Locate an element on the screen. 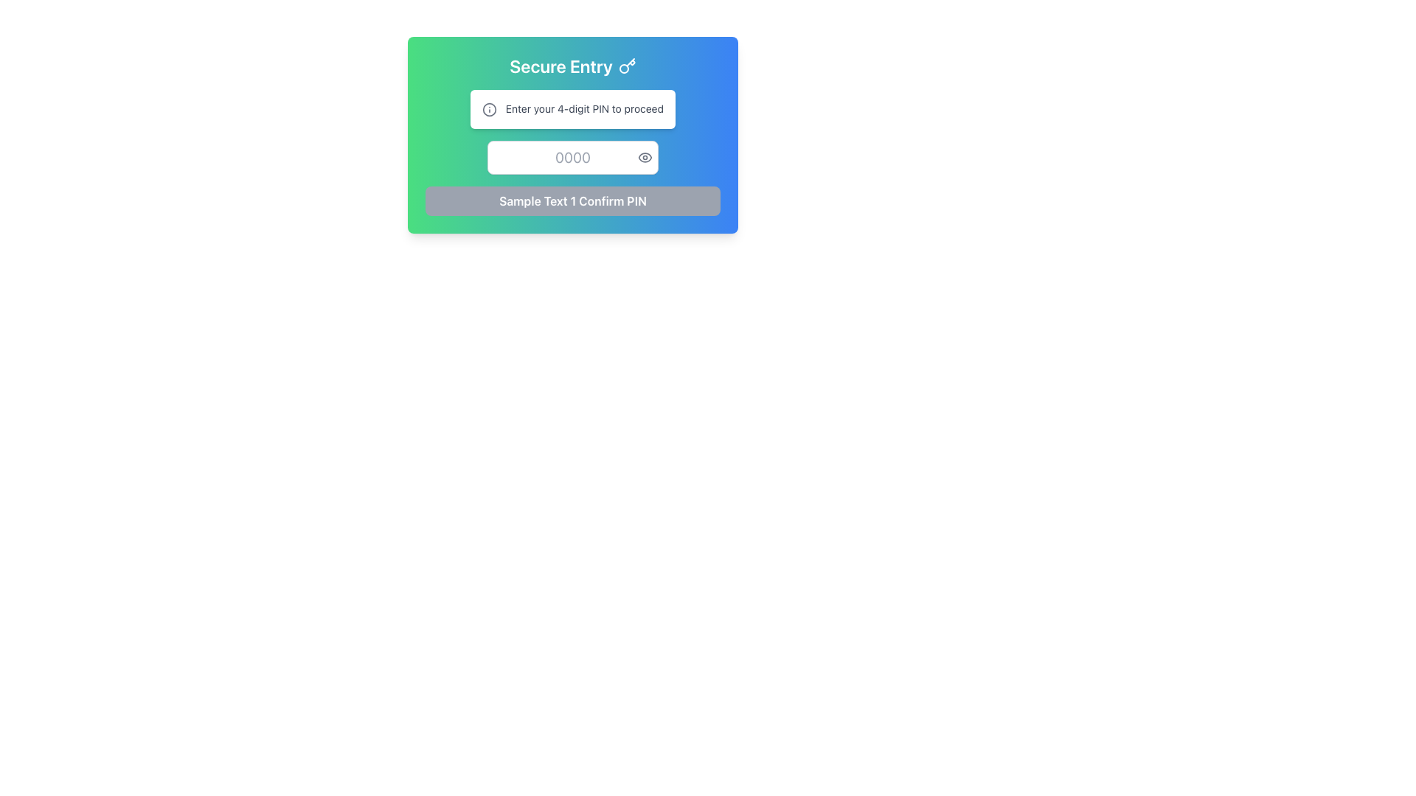 The height and width of the screenshot is (796, 1416). the eye icon button, which is a monochrome gray icon located to the right of the text input field with placeholder text '0000' is located at coordinates (645, 157).